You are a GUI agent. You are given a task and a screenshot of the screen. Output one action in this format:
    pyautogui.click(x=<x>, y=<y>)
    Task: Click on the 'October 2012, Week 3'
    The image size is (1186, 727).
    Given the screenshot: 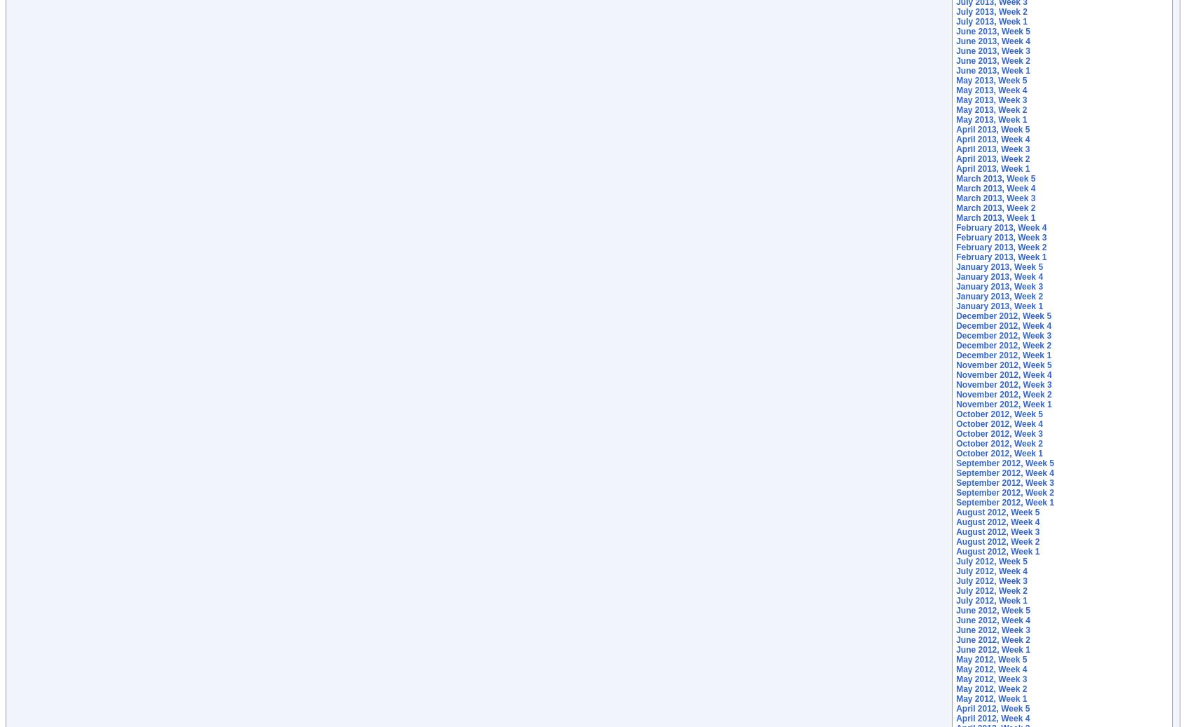 What is the action you would take?
    pyautogui.click(x=955, y=433)
    